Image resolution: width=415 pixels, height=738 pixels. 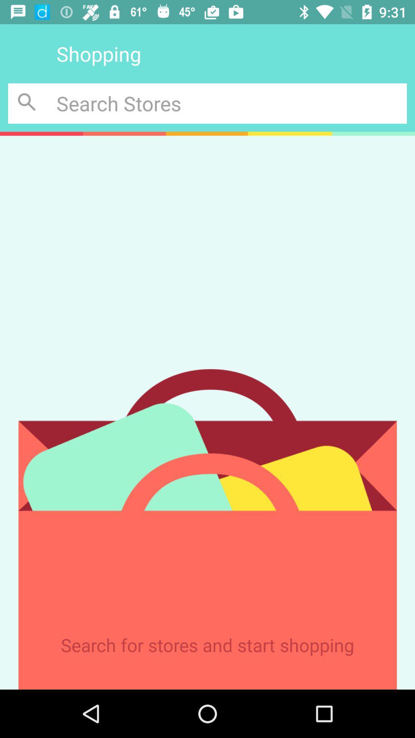 What do you see at coordinates (231, 103) in the screenshot?
I see `search bar` at bounding box center [231, 103].